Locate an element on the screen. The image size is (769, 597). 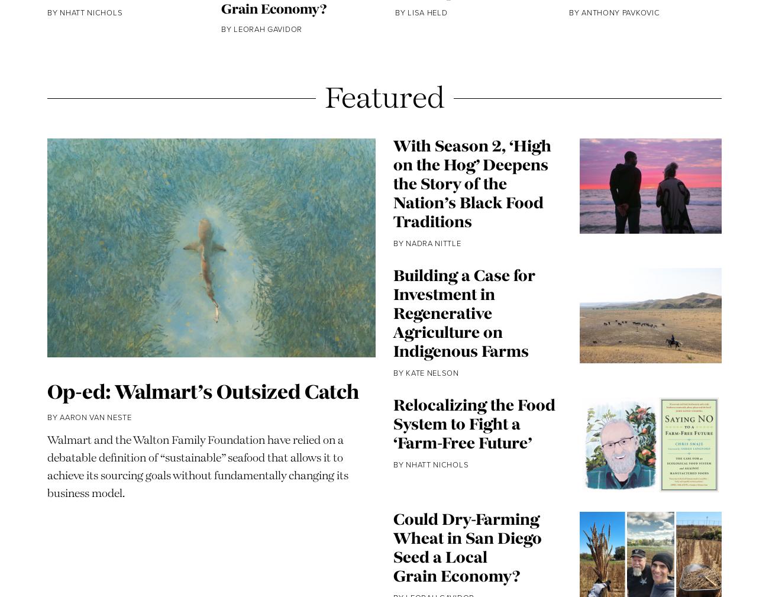
'Relocalizing the Food System to Fight a ‘Farm-Free Future’' is located at coordinates (392, 461).